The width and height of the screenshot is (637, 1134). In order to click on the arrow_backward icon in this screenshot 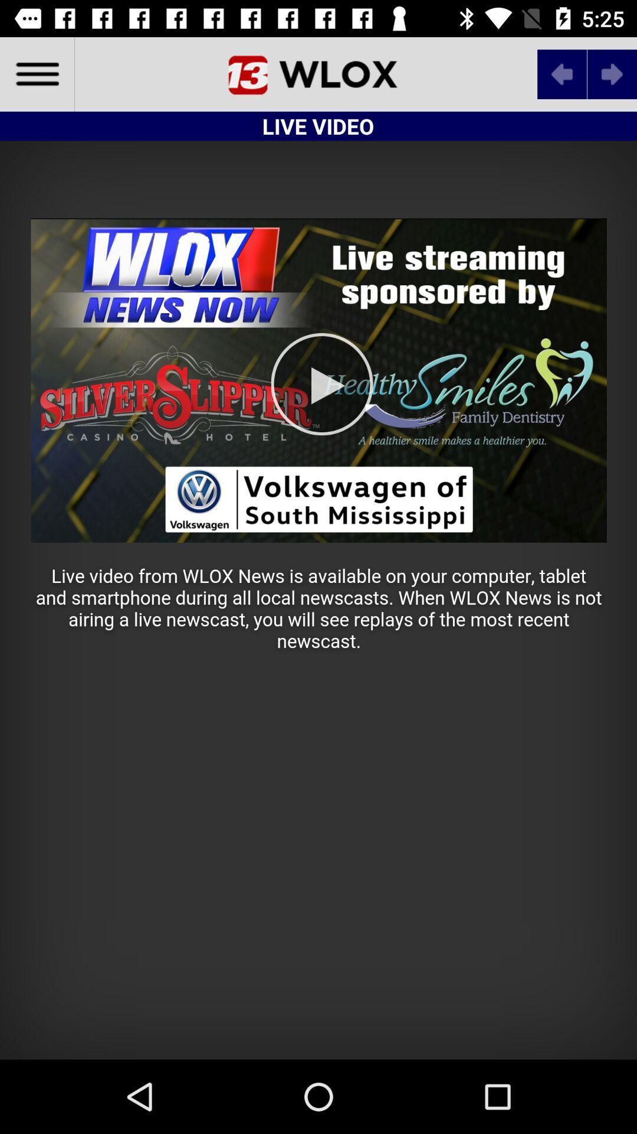, I will do `click(562, 73)`.